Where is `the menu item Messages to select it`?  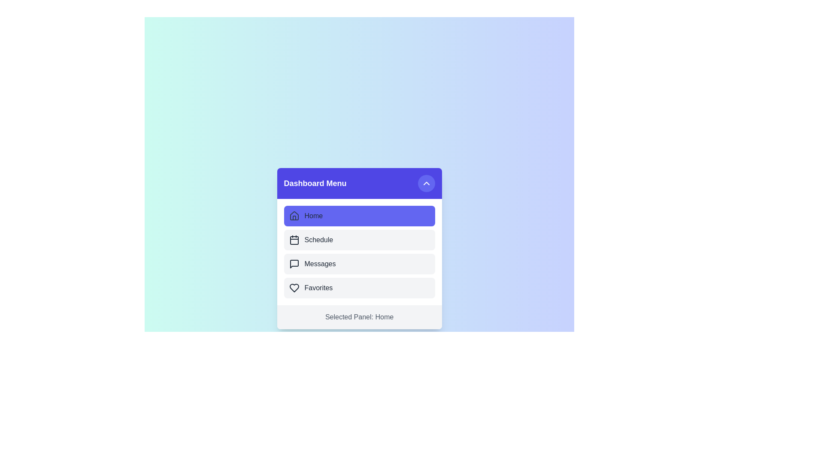 the menu item Messages to select it is located at coordinates (359, 264).